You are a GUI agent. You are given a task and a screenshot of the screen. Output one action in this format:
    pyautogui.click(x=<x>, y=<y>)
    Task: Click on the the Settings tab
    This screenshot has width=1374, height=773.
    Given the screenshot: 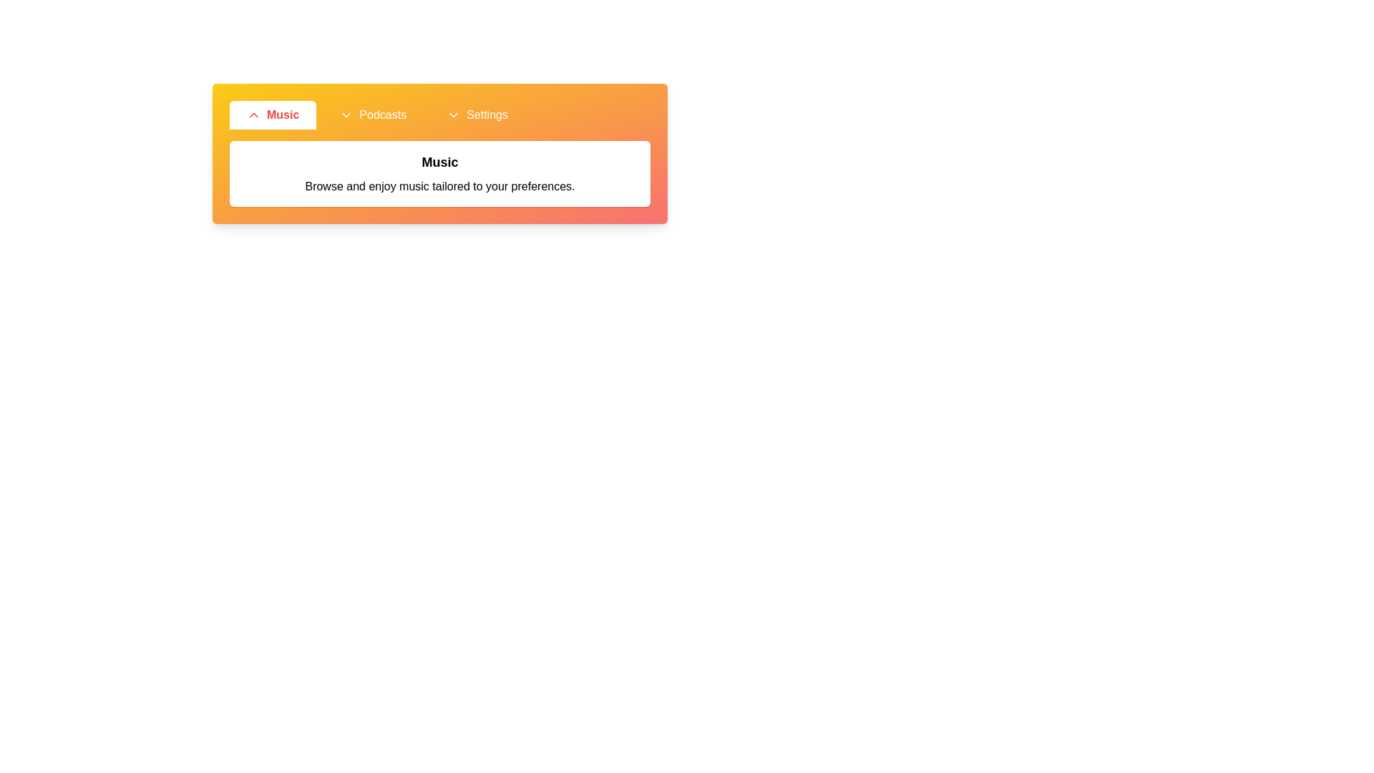 What is the action you would take?
    pyautogui.click(x=477, y=115)
    